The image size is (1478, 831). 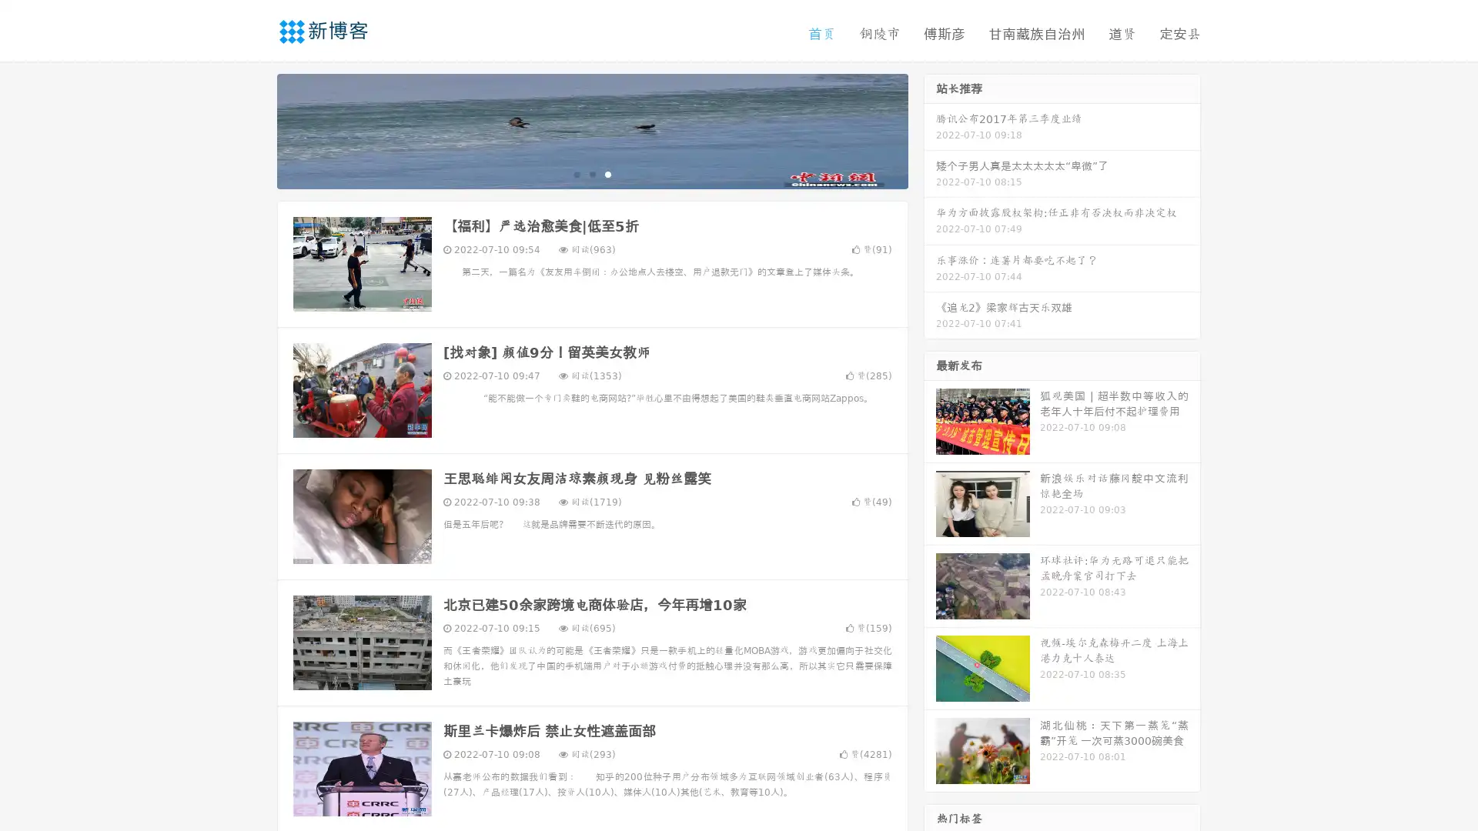 What do you see at coordinates (930, 129) in the screenshot?
I see `Next slide` at bounding box center [930, 129].